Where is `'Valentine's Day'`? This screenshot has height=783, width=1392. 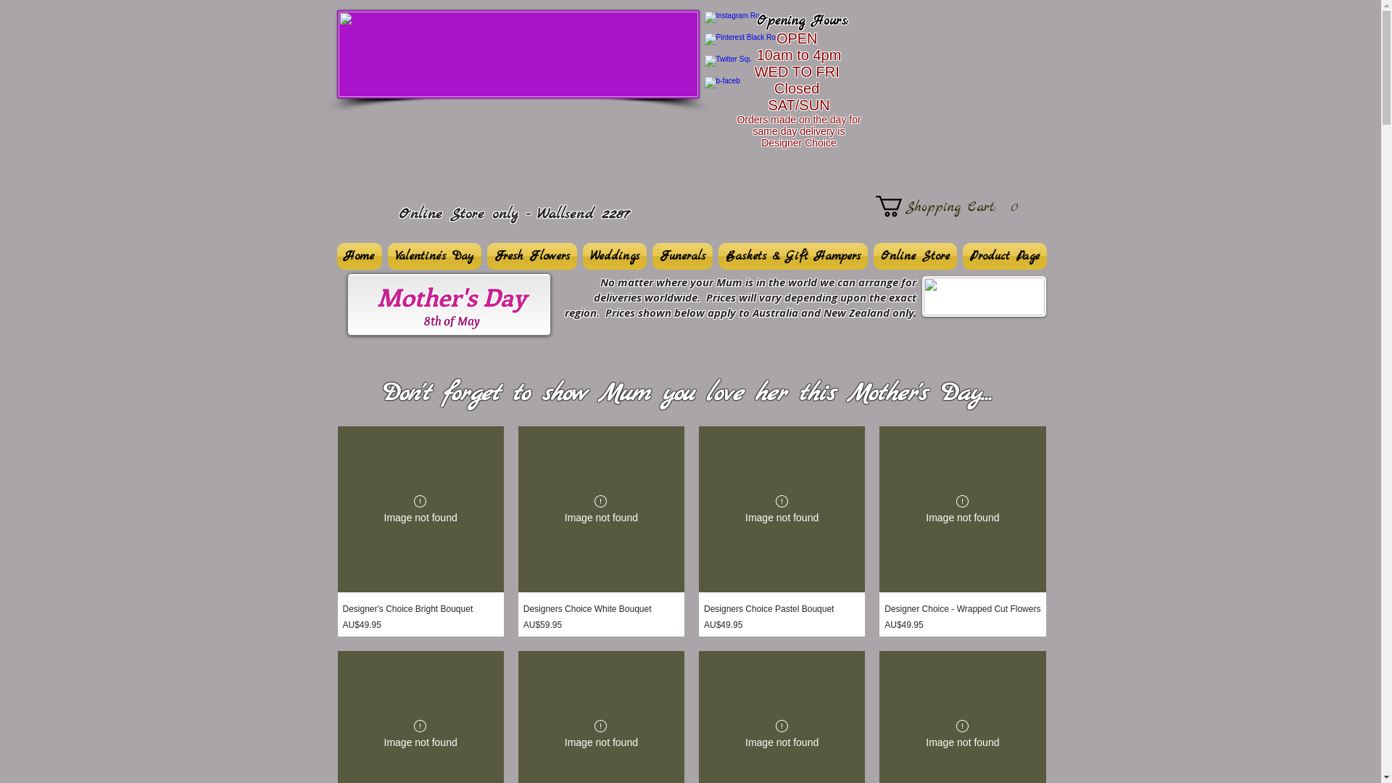 'Valentine's Day' is located at coordinates (384, 255).